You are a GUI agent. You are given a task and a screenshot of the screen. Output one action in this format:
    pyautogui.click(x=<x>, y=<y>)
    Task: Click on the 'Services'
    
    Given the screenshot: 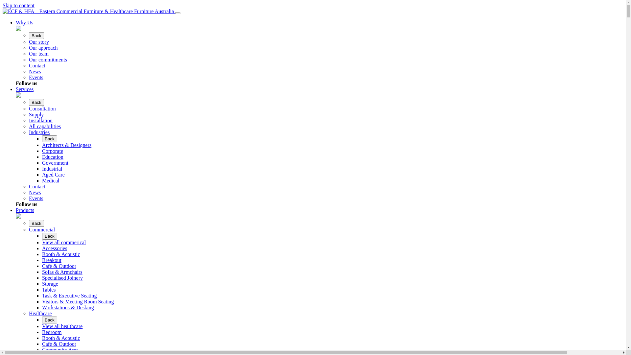 What is the action you would take?
    pyautogui.click(x=25, y=89)
    